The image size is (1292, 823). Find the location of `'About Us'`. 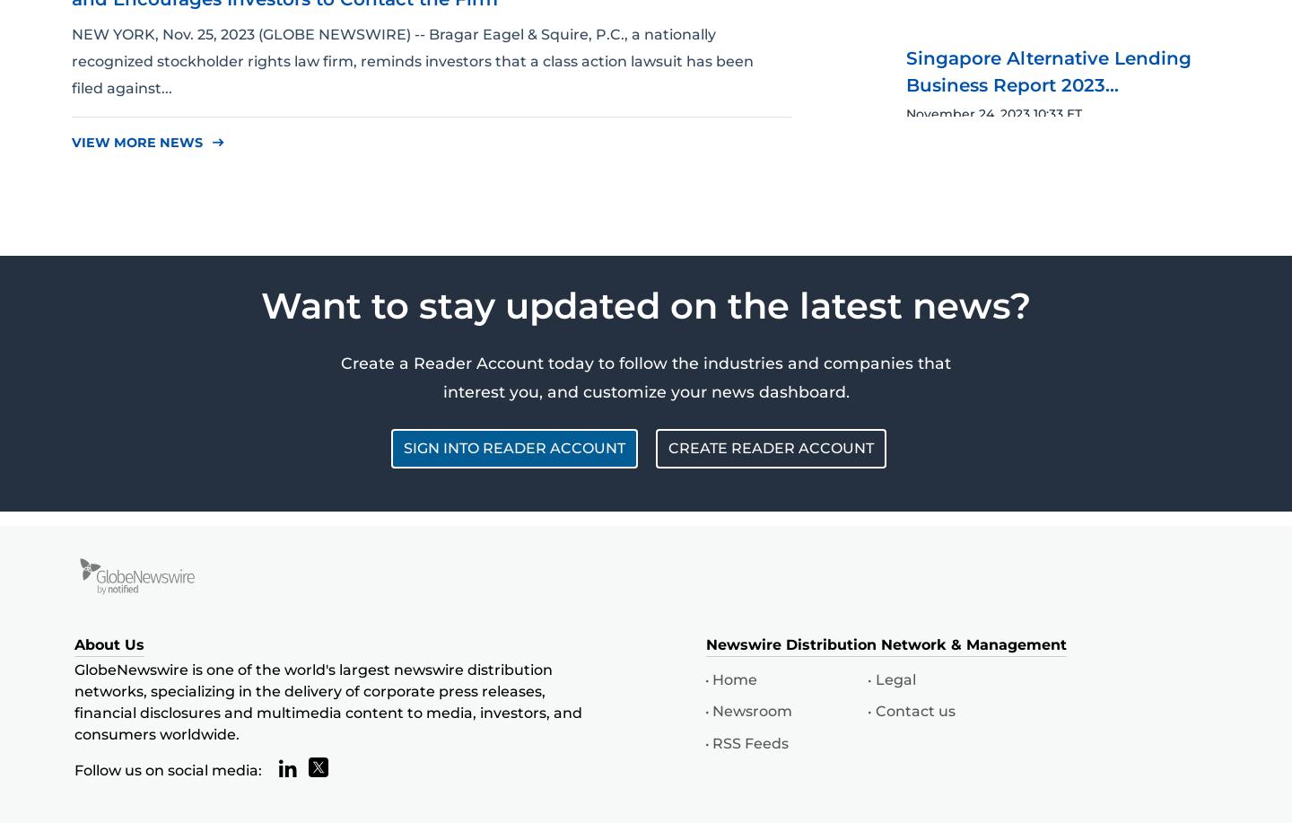

'About Us' is located at coordinates (108, 644).